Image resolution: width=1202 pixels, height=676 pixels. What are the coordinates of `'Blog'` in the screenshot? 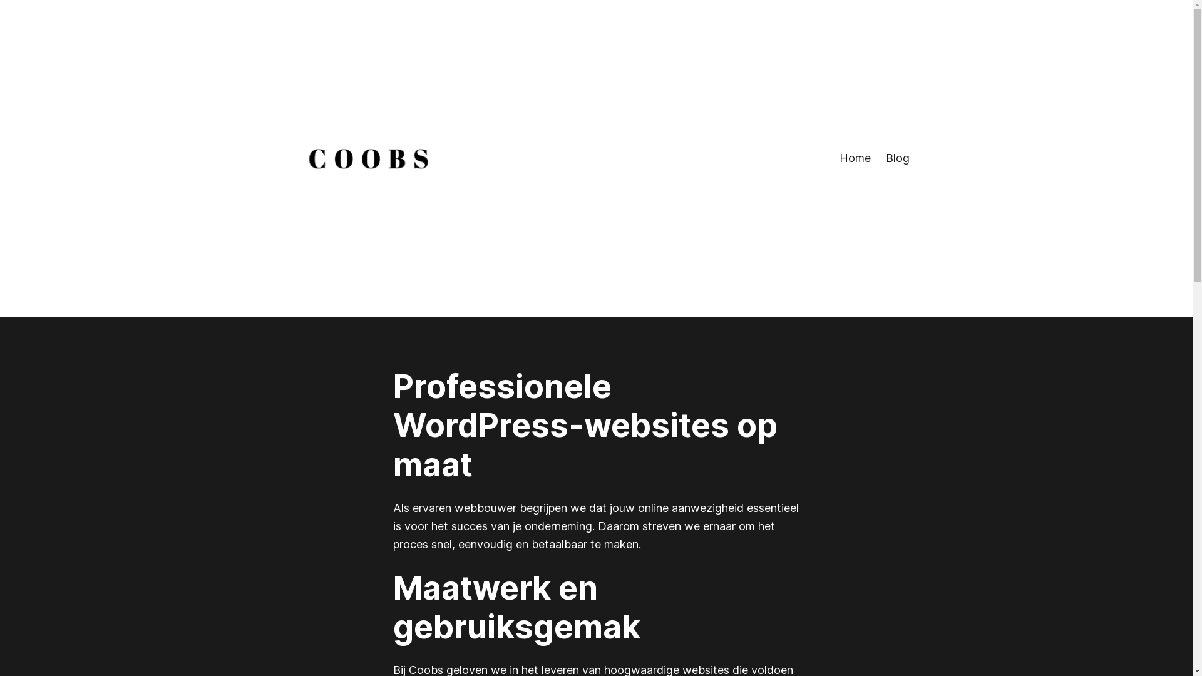 It's located at (896, 158).